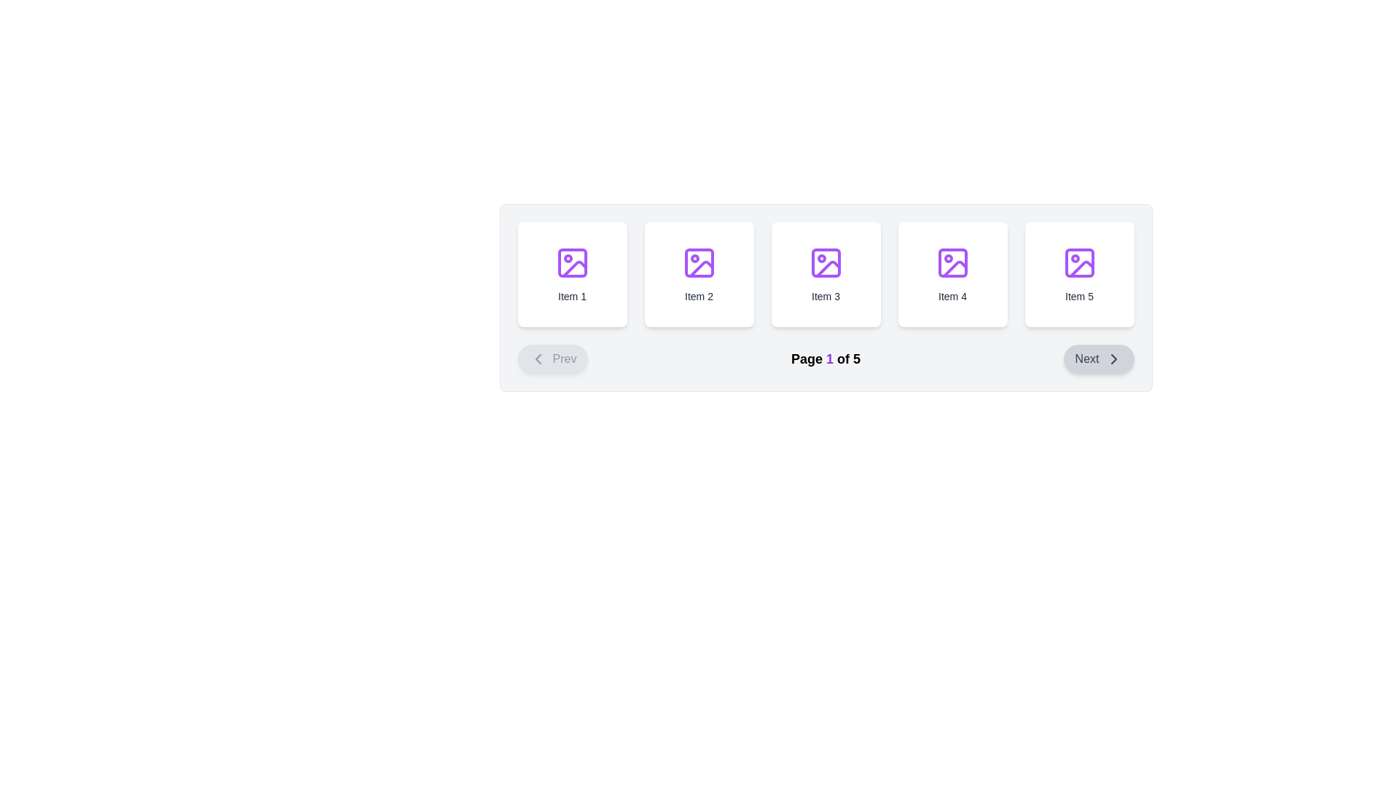 The image size is (1399, 787). I want to click on the text display that shows 'Page 1 of 5' in bold, located centrally in the horizontal navigation bar between the 'Prev' and 'Next' buttons, so click(826, 359).